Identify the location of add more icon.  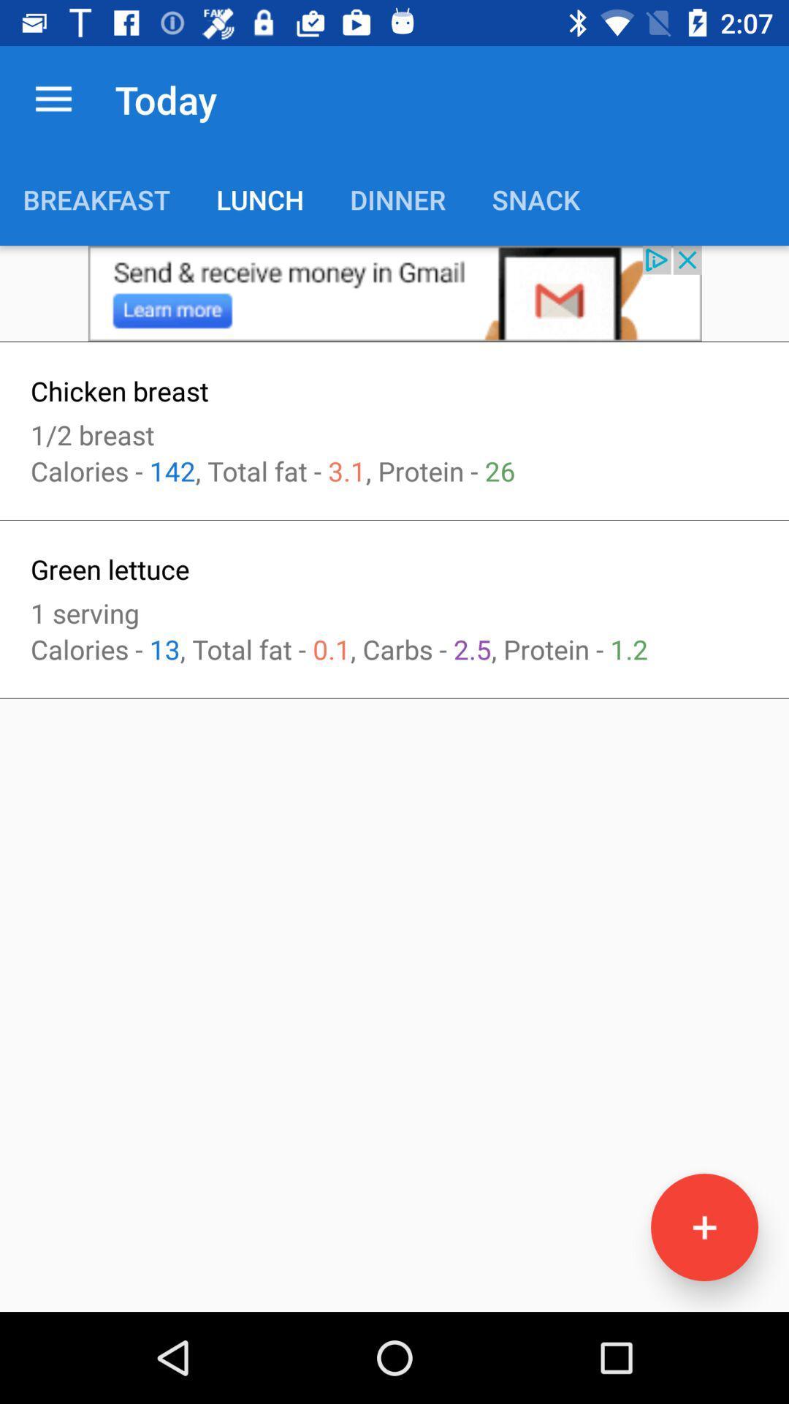
(704, 1227).